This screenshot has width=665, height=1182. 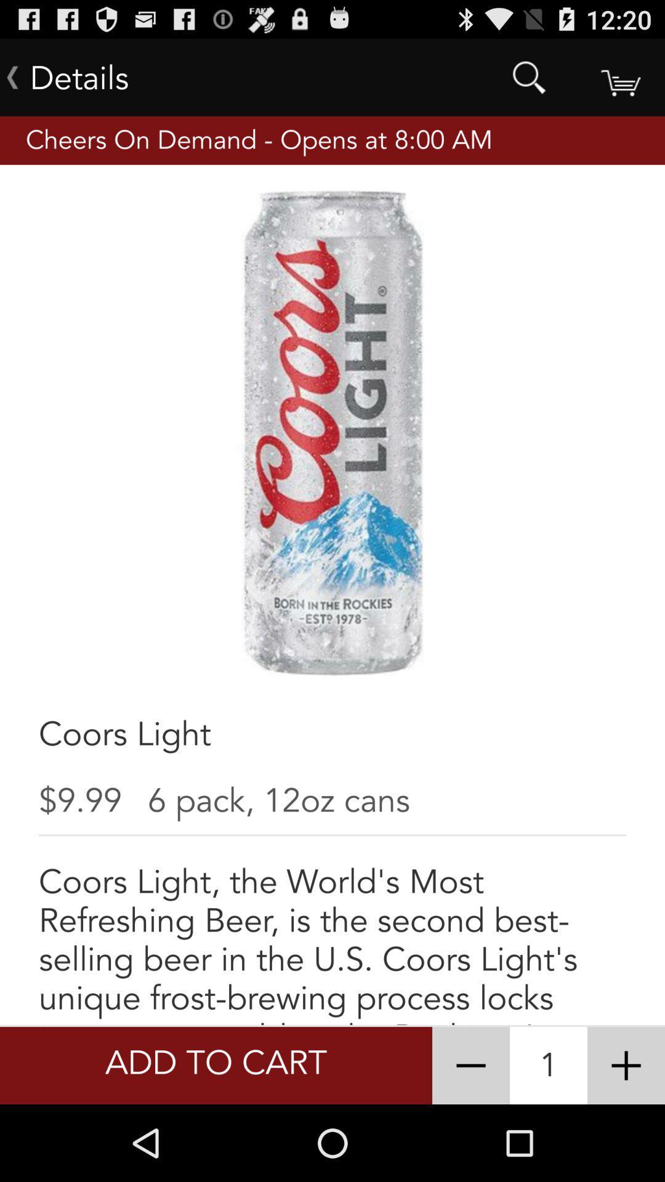 I want to click on the app next to the details icon, so click(x=528, y=76).